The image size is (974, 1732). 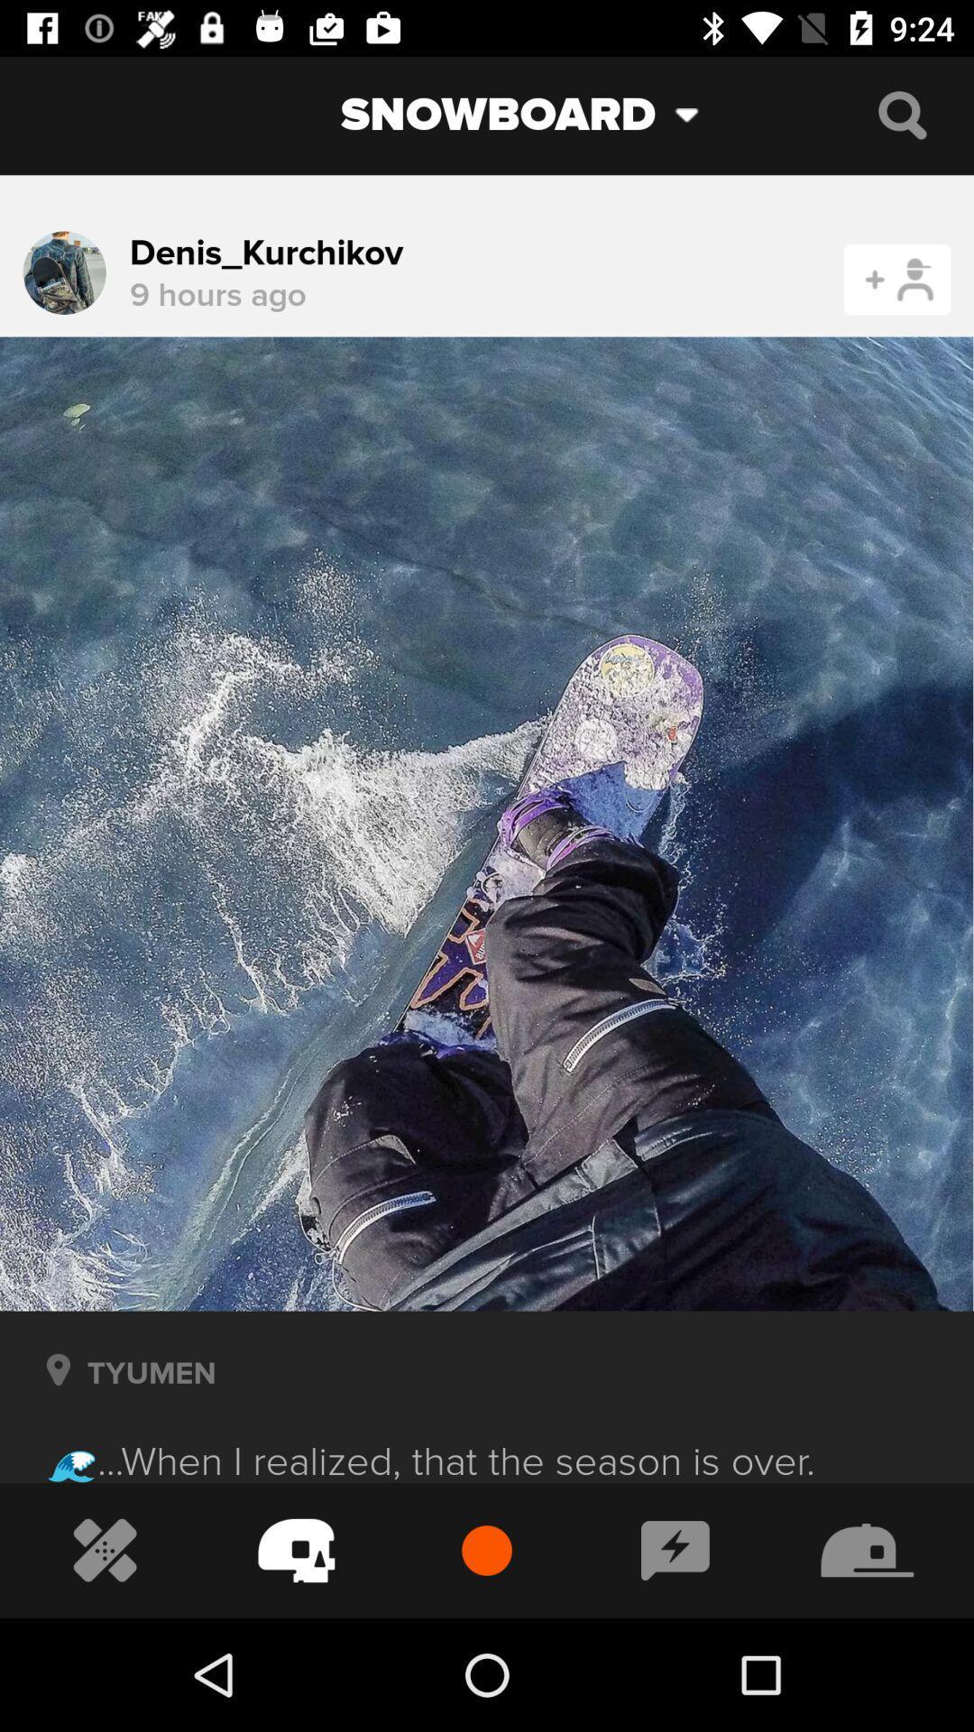 I want to click on the expand_more icon, so click(x=700, y=114).